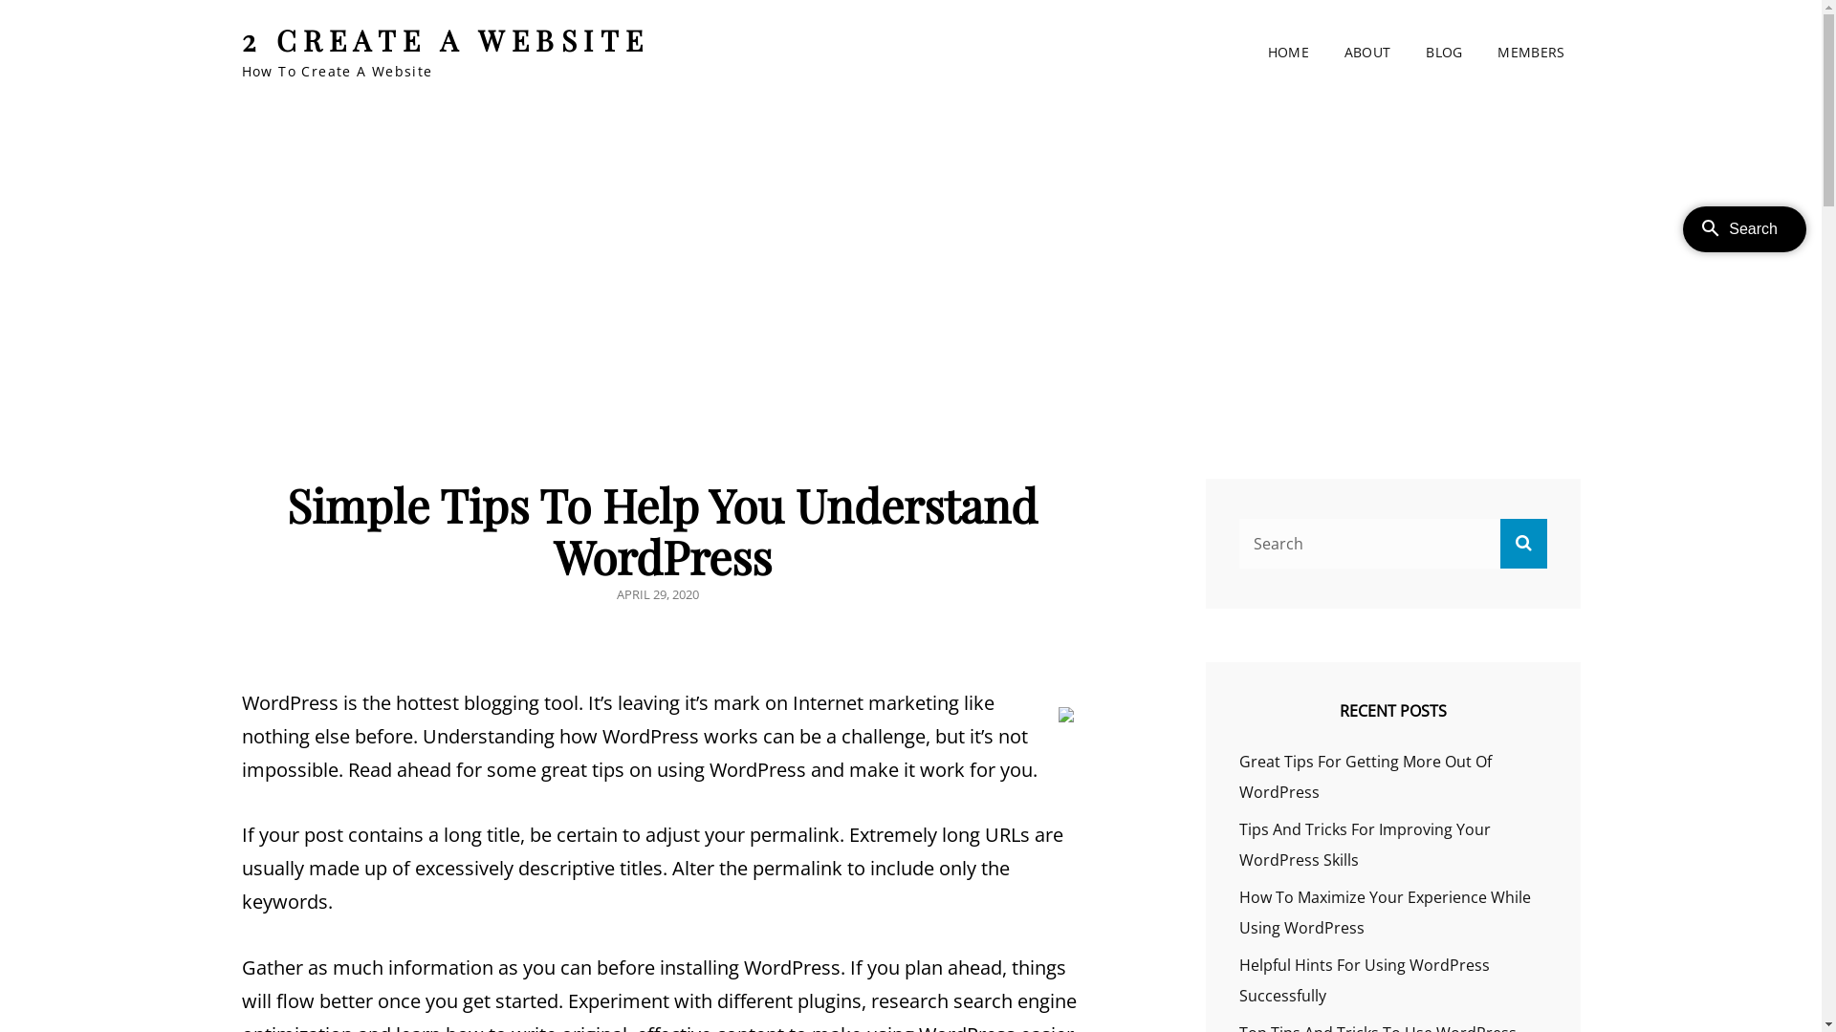  What do you see at coordinates (1531, 51) in the screenshot?
I see `'MEMBERS'` at bounding box center [1531, 51].